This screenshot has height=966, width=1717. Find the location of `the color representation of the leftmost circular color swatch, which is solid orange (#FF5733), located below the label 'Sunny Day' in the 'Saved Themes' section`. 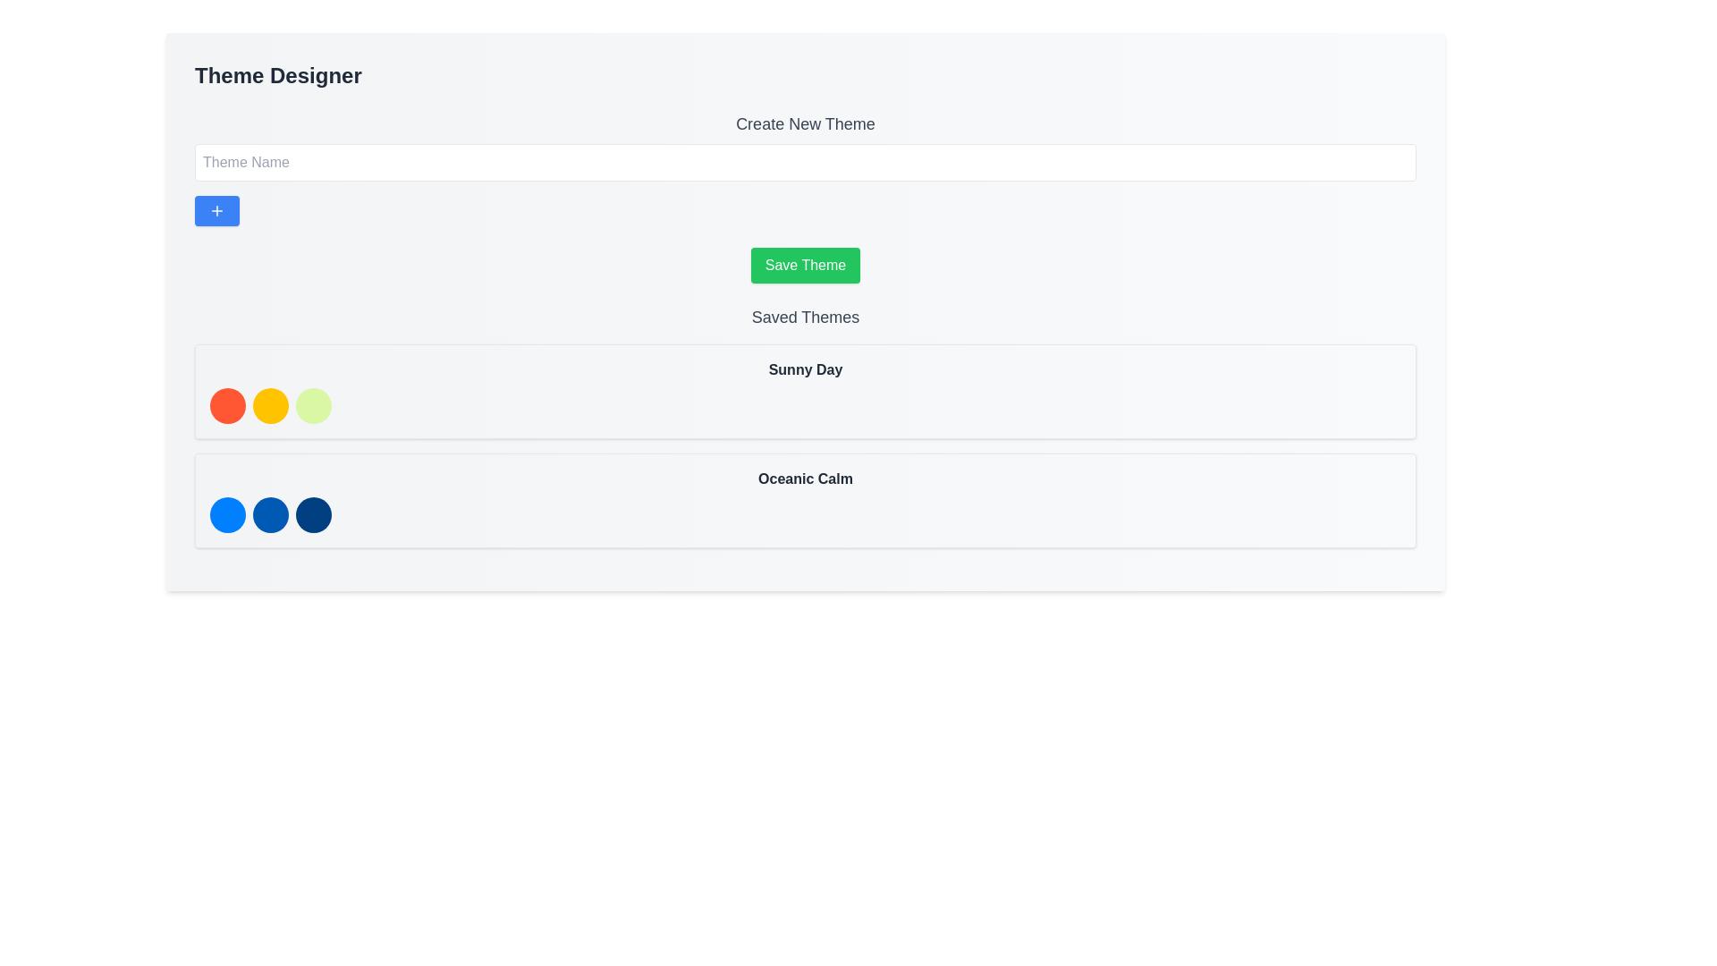

the color representation of the leftmost circular color swatch, which is solid orange (#FF5733), located below the label 'Sunny Day' in the 'Saved Themes' section is located at coordinates (226, 406).